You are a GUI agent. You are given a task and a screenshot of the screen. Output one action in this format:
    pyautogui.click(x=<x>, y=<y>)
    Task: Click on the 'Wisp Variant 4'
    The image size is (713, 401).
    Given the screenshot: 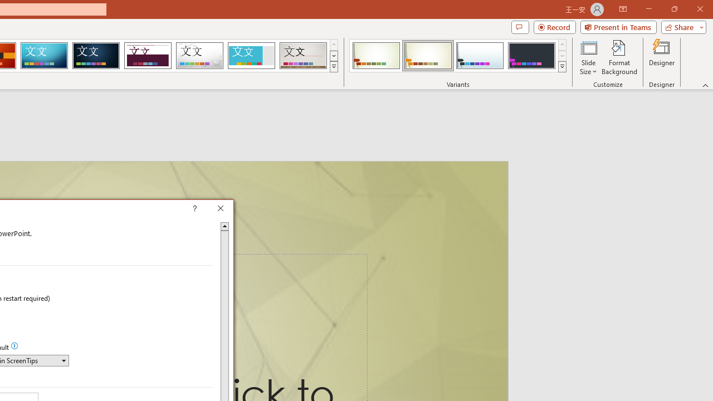 What is the action you would take?
    pyautogui.click(x=531, y=56)
    